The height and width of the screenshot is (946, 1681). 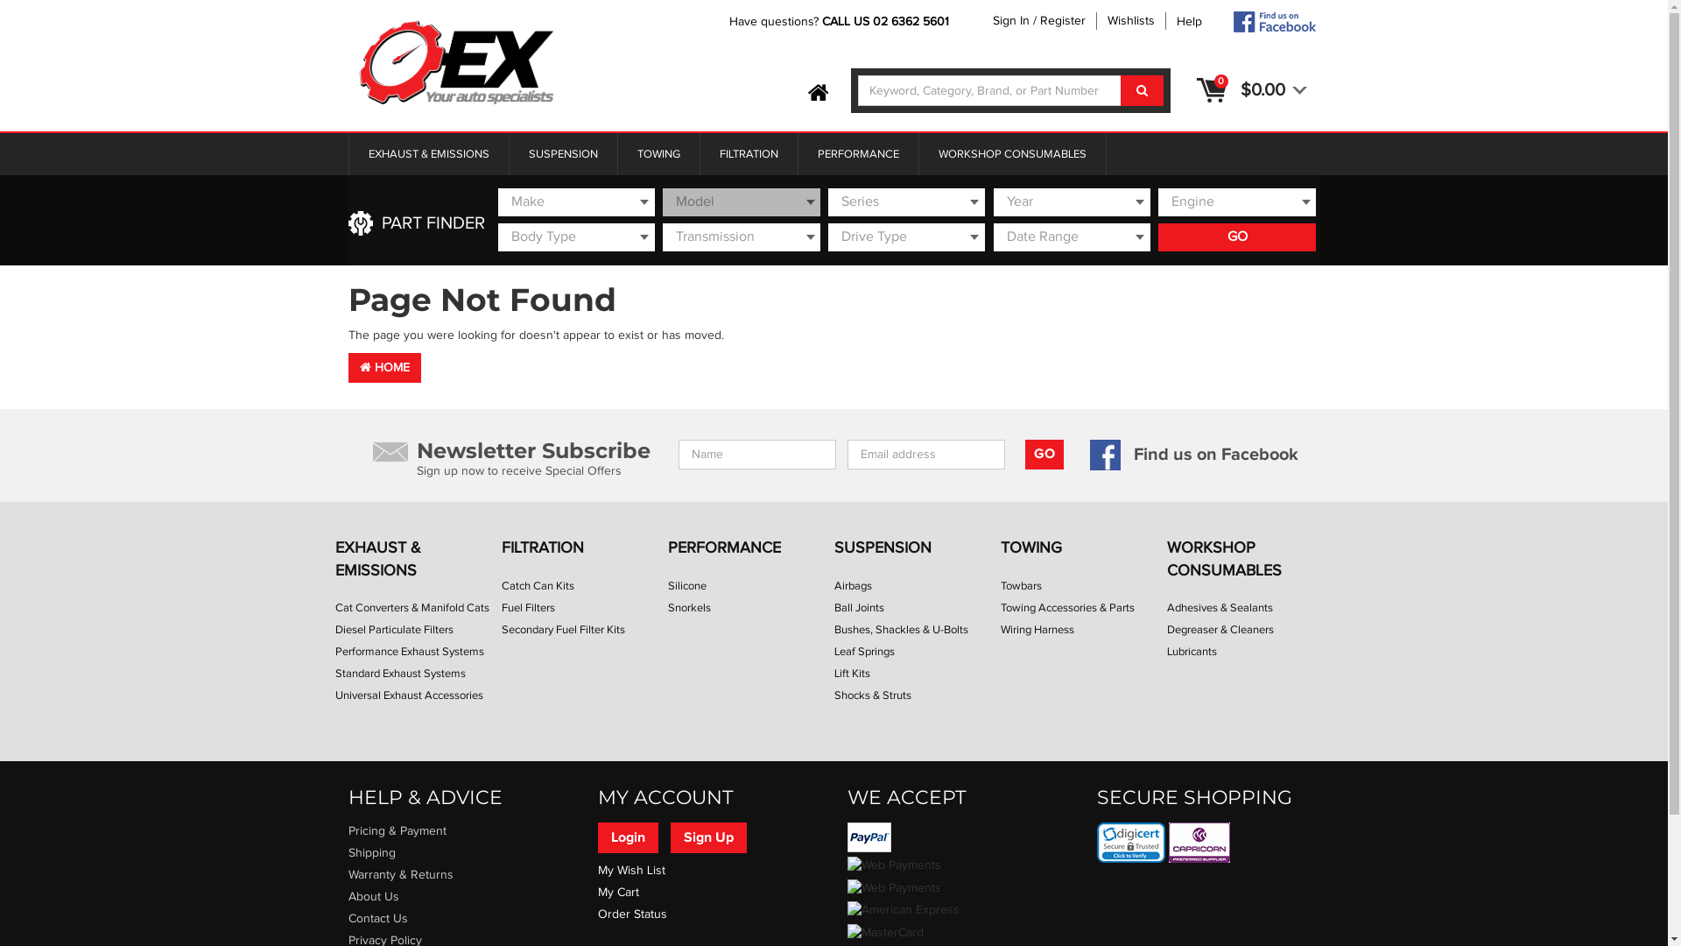 I want to click on 'Shocks & Struts', so click(x=872, y=695).